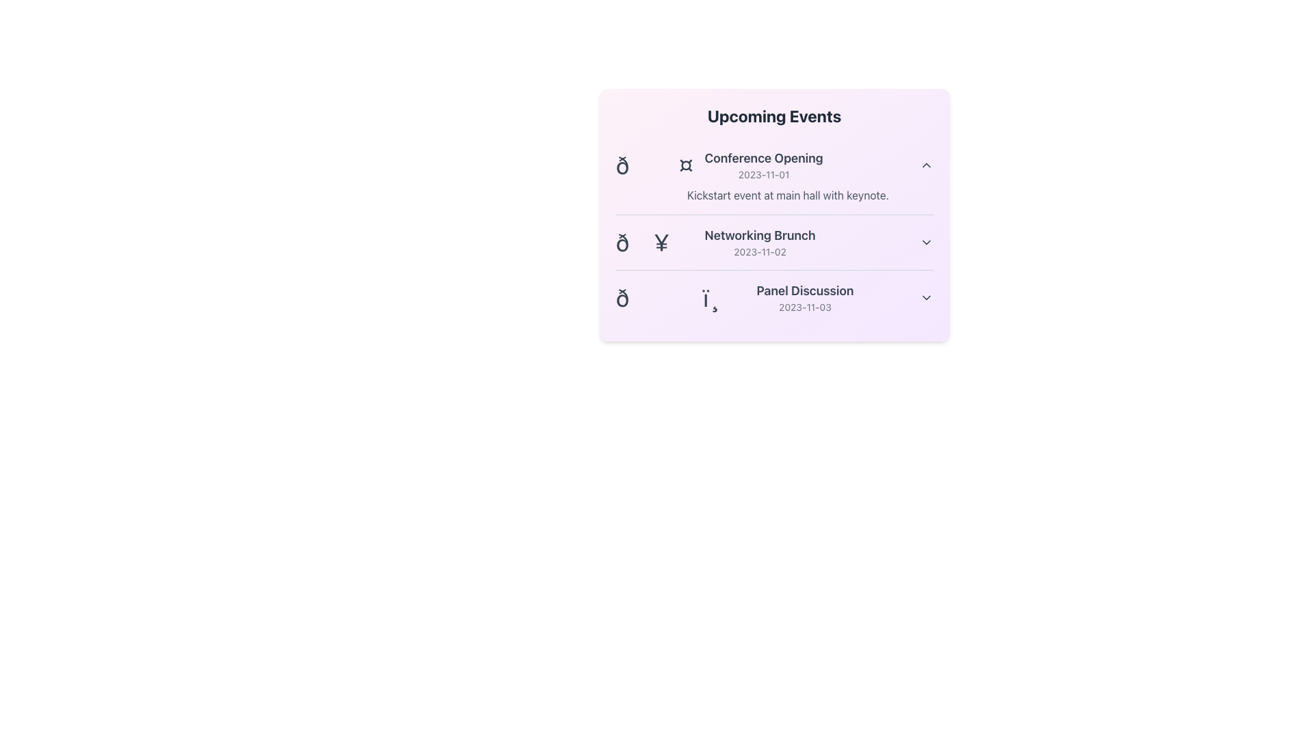 This screenshot has width=1313, height=738. I want to click on the Dropdown indicator icon, a downward-pointing chevron located on the right side of the 'Panel Discussion' event in the 'Upcoming Events' section, so click(926, 297).